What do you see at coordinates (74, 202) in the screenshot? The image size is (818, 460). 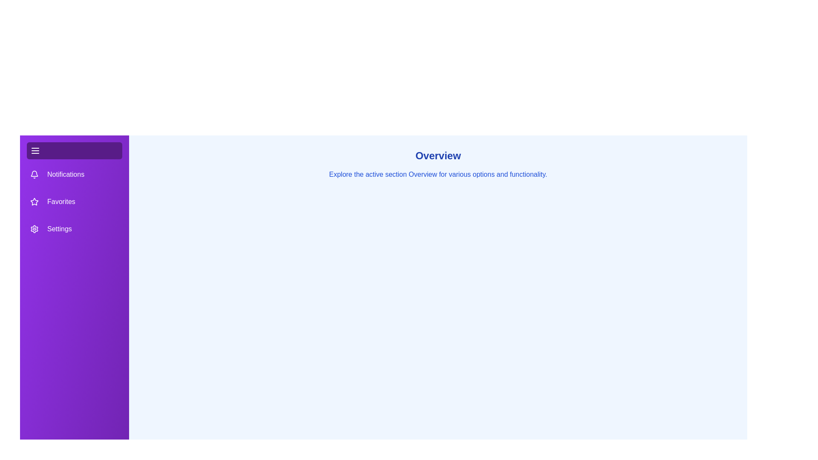 I see `the tab labeled Favorites in the drawer` at bounding box center [74, 202].